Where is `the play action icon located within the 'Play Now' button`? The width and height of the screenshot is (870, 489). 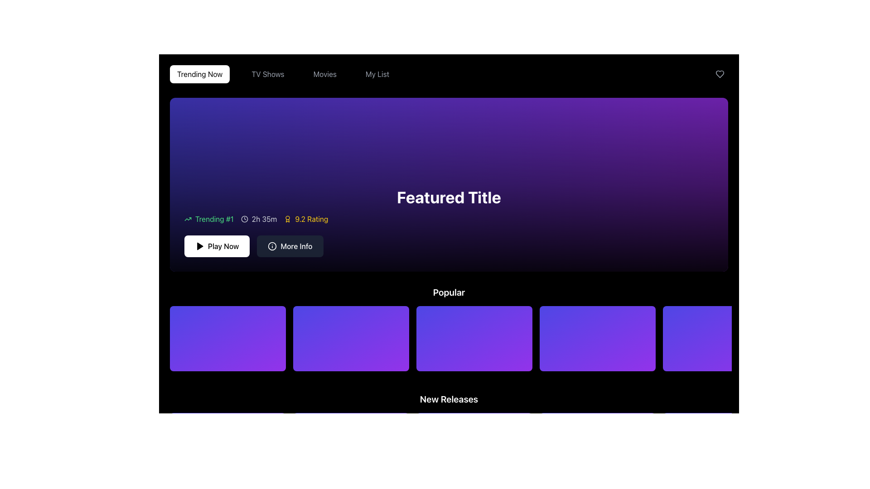 the play action icon located within the 'Play Now' button is located at coordinates (199, 246).